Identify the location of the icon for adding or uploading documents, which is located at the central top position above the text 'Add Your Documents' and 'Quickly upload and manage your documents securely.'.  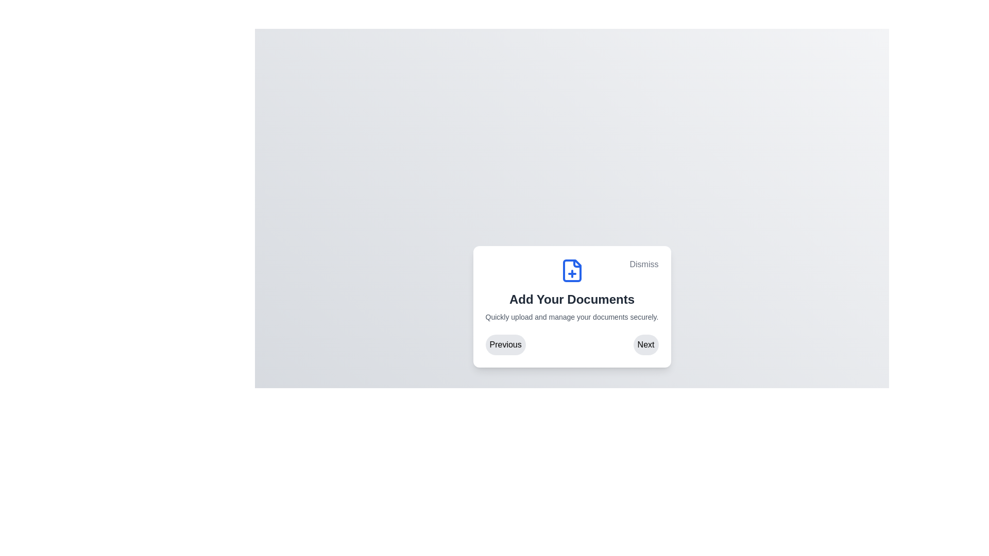
(571, 270).